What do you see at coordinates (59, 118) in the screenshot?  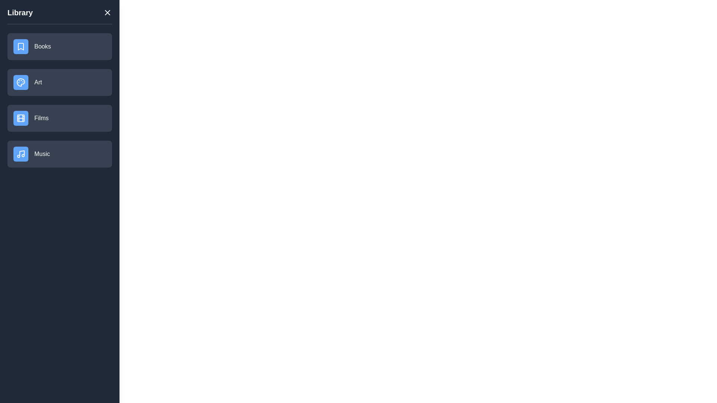 I see `the category Films from the list` at bounding box center [59, 118].